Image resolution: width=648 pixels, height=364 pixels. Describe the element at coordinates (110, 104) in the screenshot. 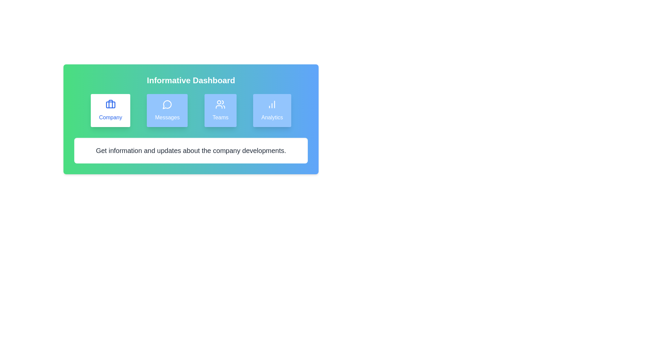

I see `the vertical line in the suitcase icon located within the 'Company' button on the left side of the interface` at that location.